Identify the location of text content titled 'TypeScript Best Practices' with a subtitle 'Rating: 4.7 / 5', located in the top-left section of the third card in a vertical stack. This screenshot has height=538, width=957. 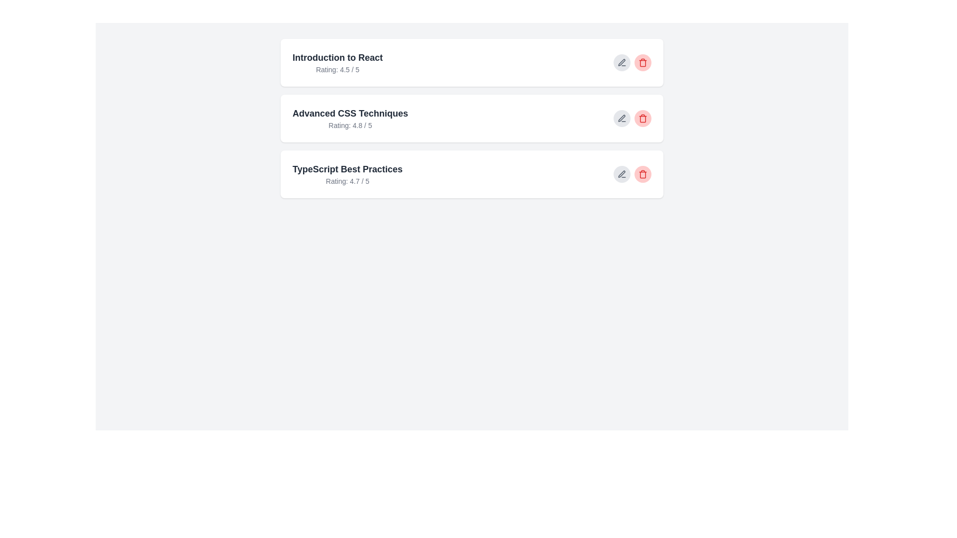
(347, 174).